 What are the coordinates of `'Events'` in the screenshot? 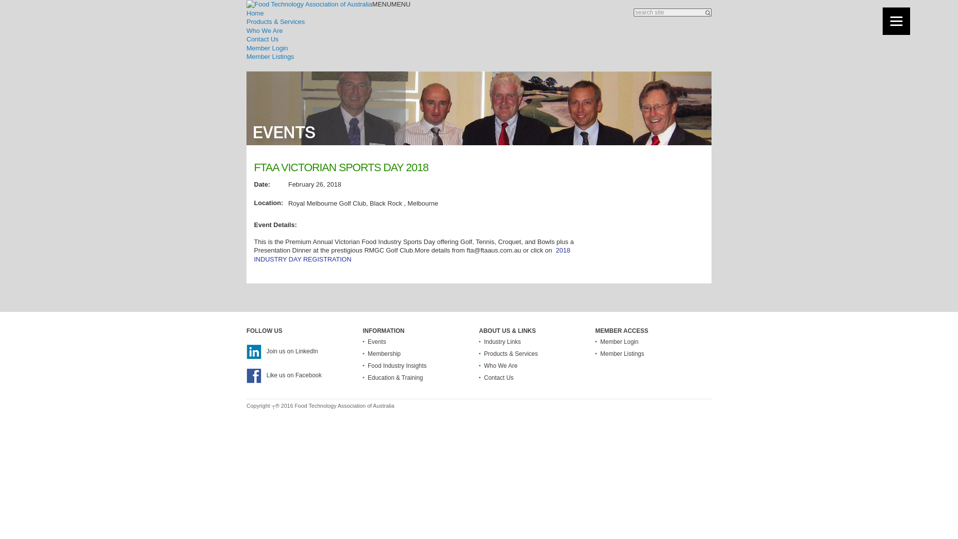 It's located at (376, 341).